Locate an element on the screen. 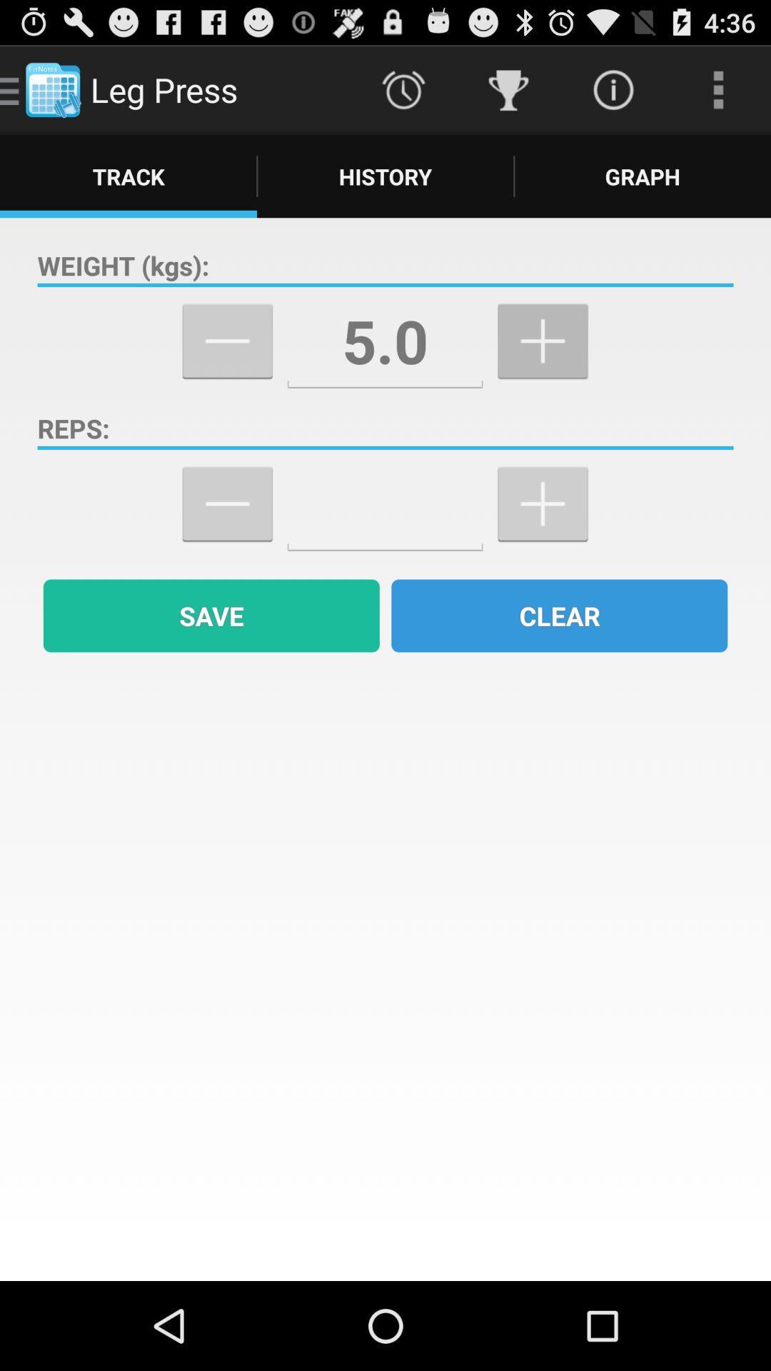  the add icon is located at coordinates (543, 365).